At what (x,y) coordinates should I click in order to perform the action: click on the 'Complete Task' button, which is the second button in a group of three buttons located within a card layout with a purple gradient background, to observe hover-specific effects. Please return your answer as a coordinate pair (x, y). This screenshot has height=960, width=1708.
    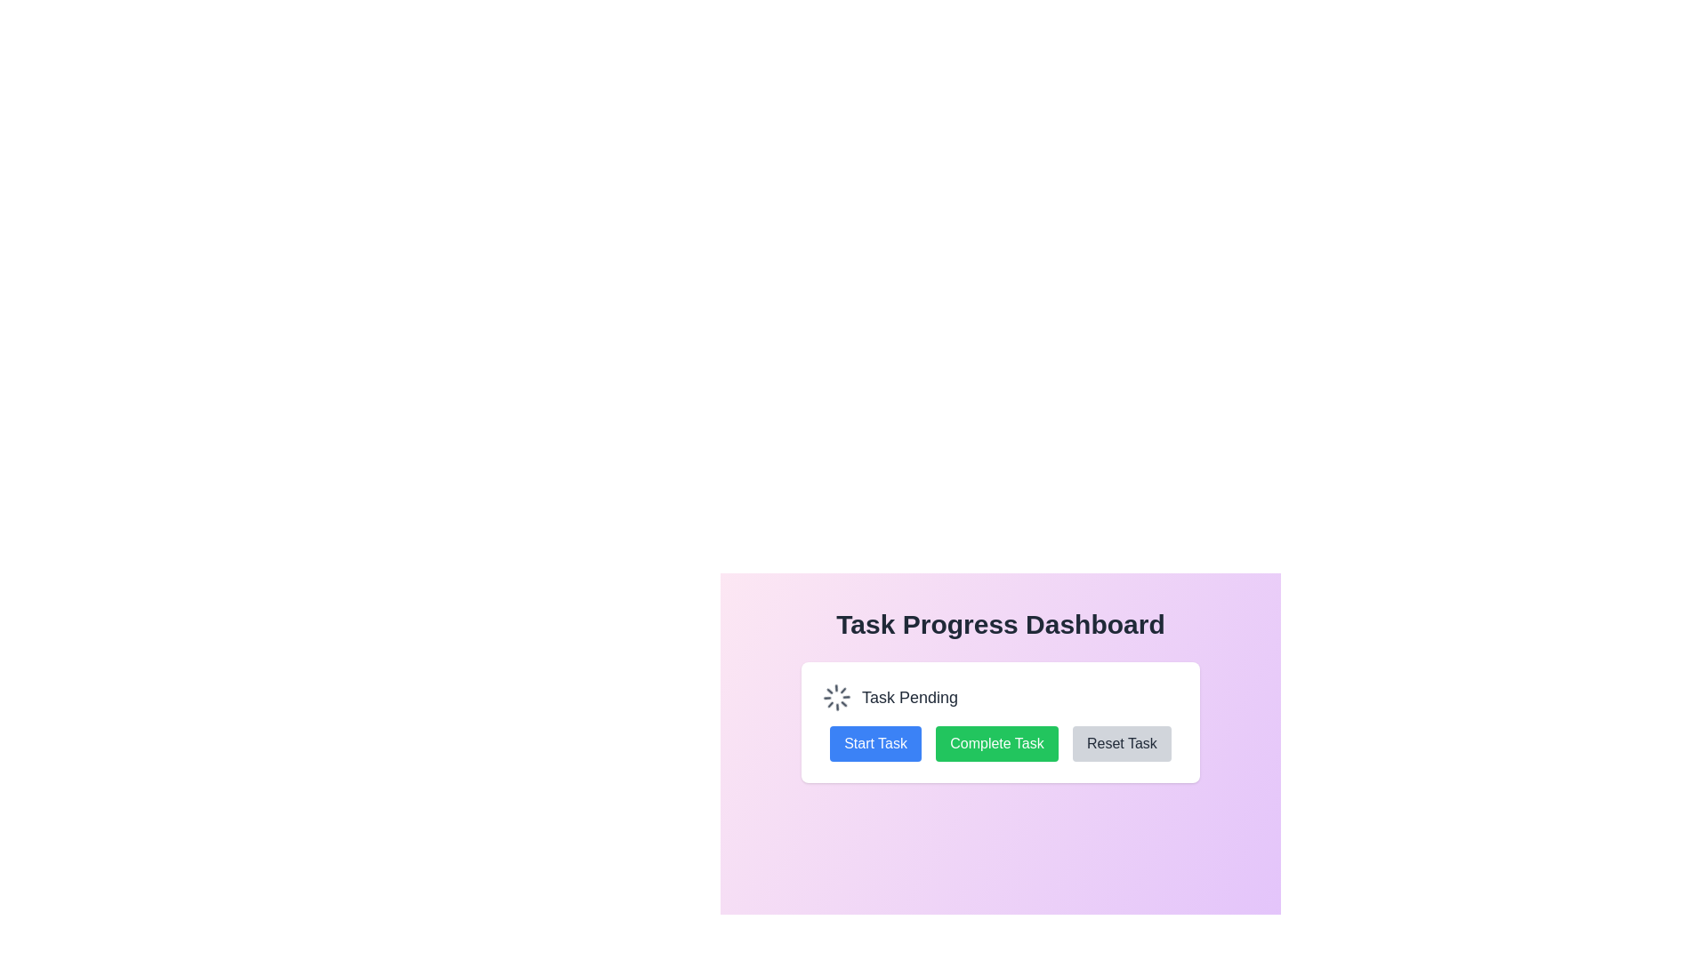
    Looking at the image, I should click on (1000, 733).